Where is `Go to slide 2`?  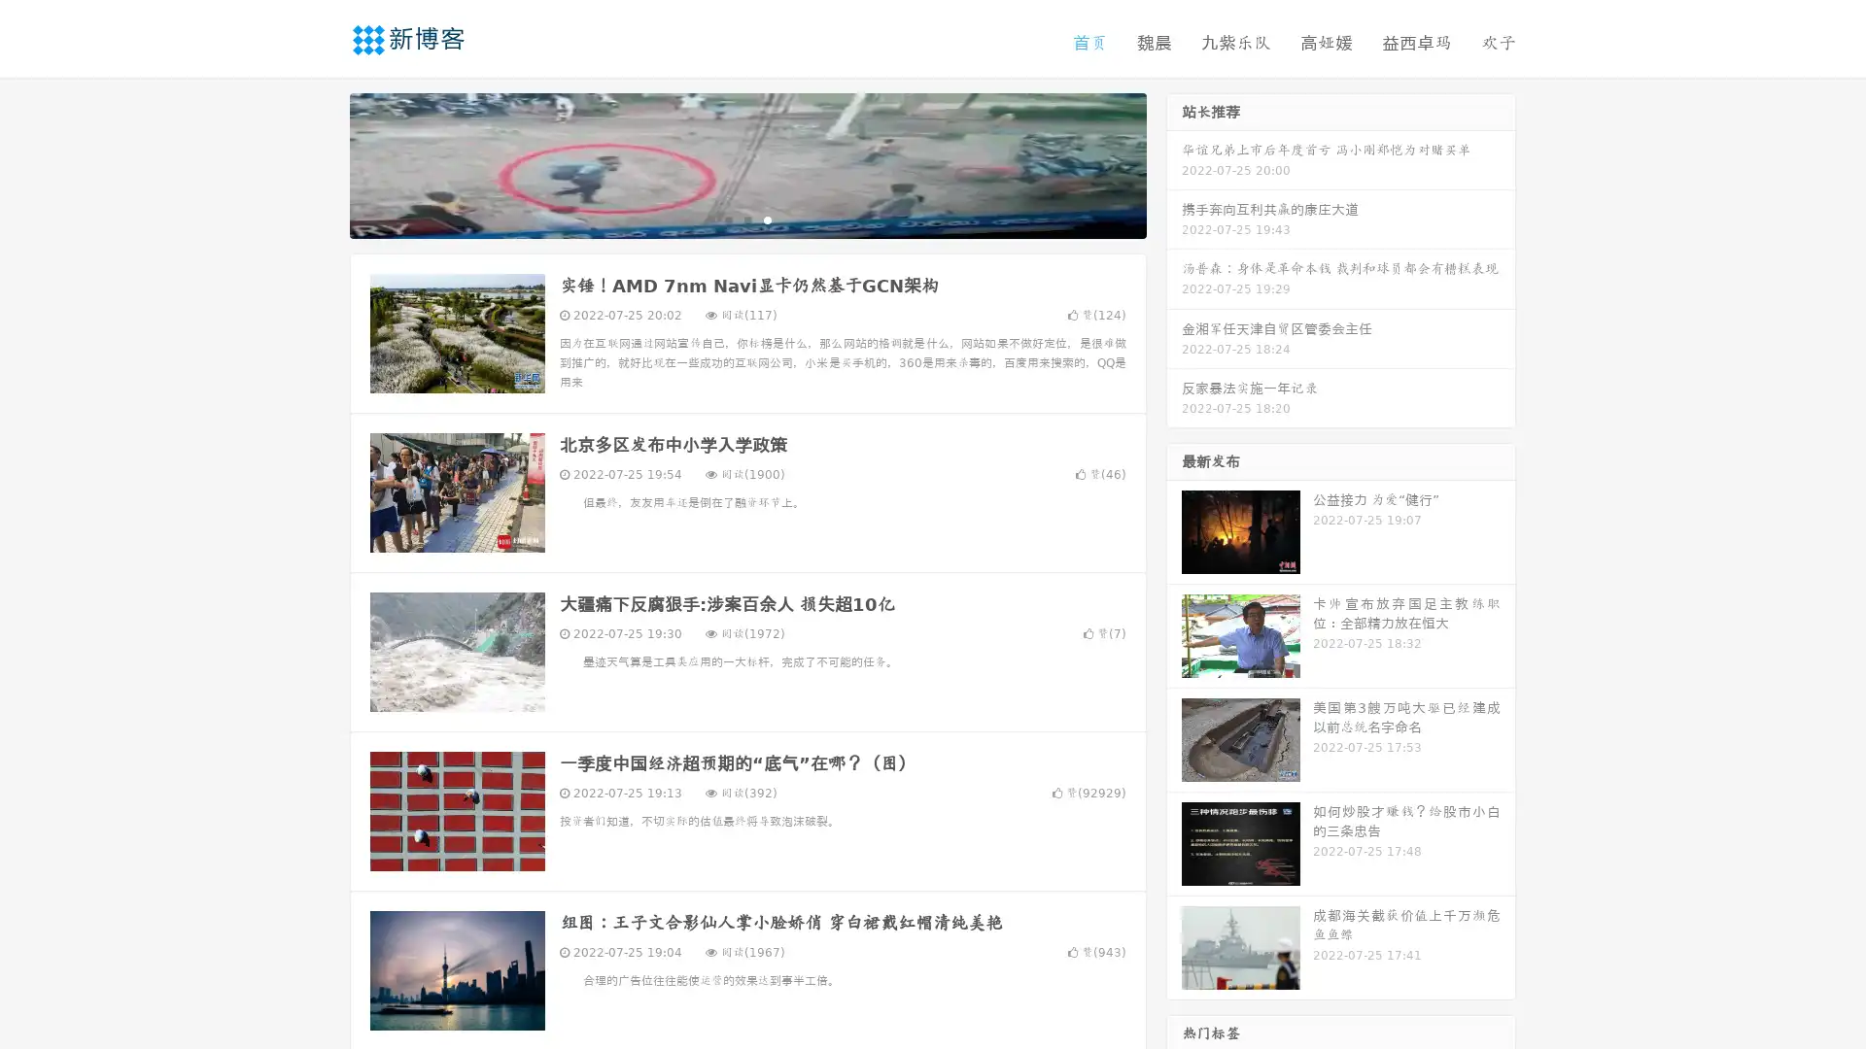
Go to slide 2 is located at coordinates (746, 219).